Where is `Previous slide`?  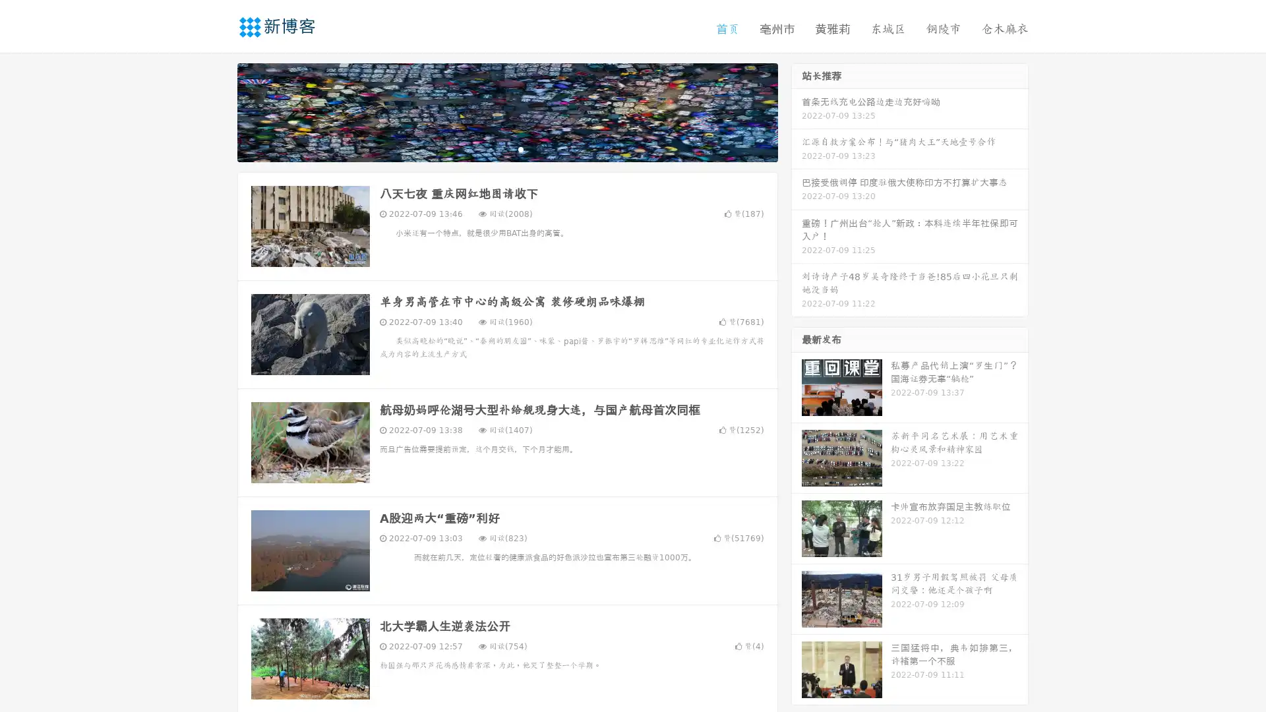 Previous slide is located at coordinates (218, 111).